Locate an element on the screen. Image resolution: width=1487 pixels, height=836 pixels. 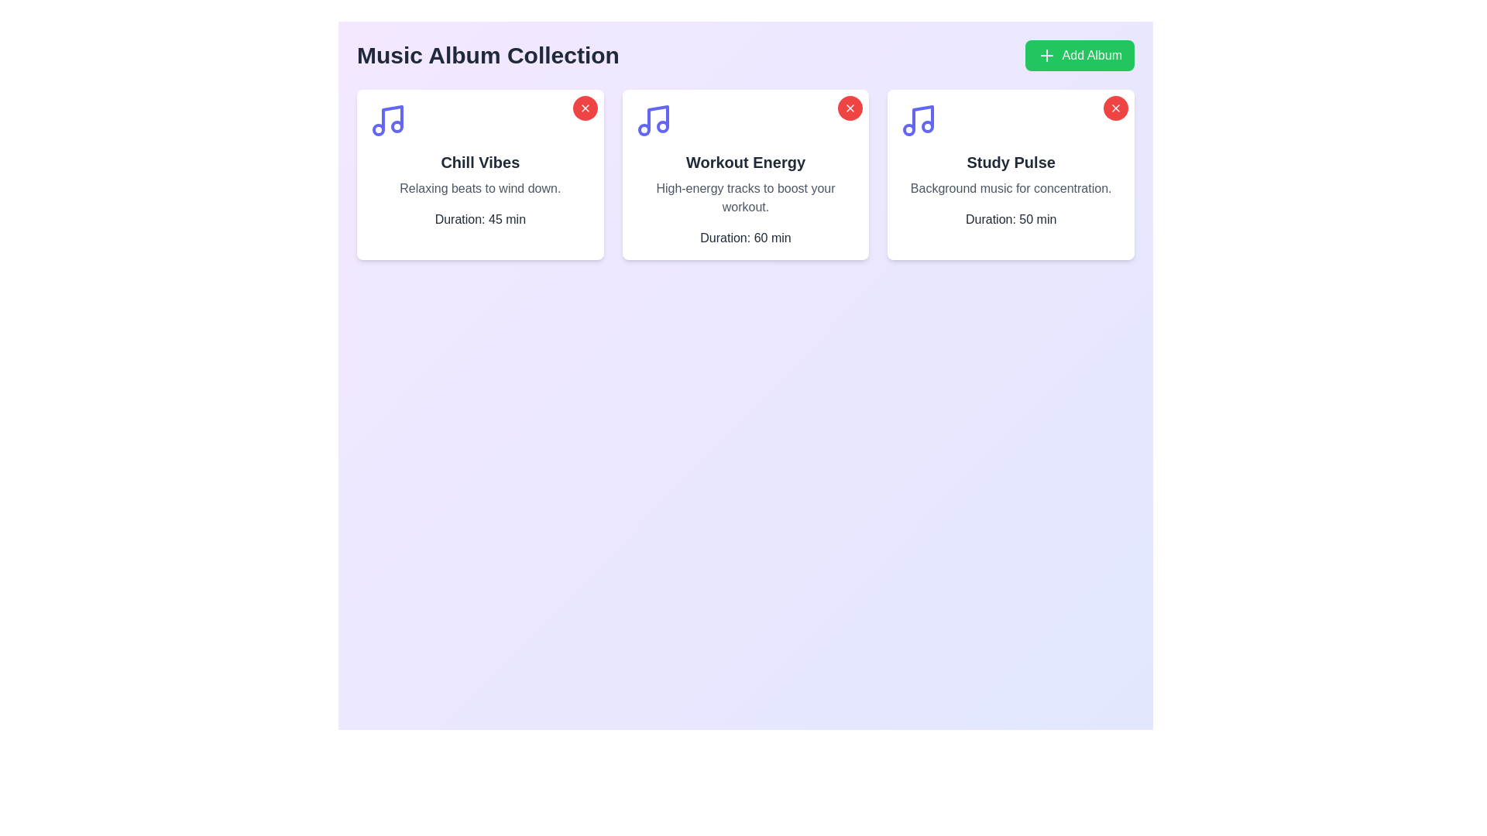
text label displaying 'Relaxing beats to wind down.' located in the card under the header 'Chill Vibes' is located at coordinates (479, 187).